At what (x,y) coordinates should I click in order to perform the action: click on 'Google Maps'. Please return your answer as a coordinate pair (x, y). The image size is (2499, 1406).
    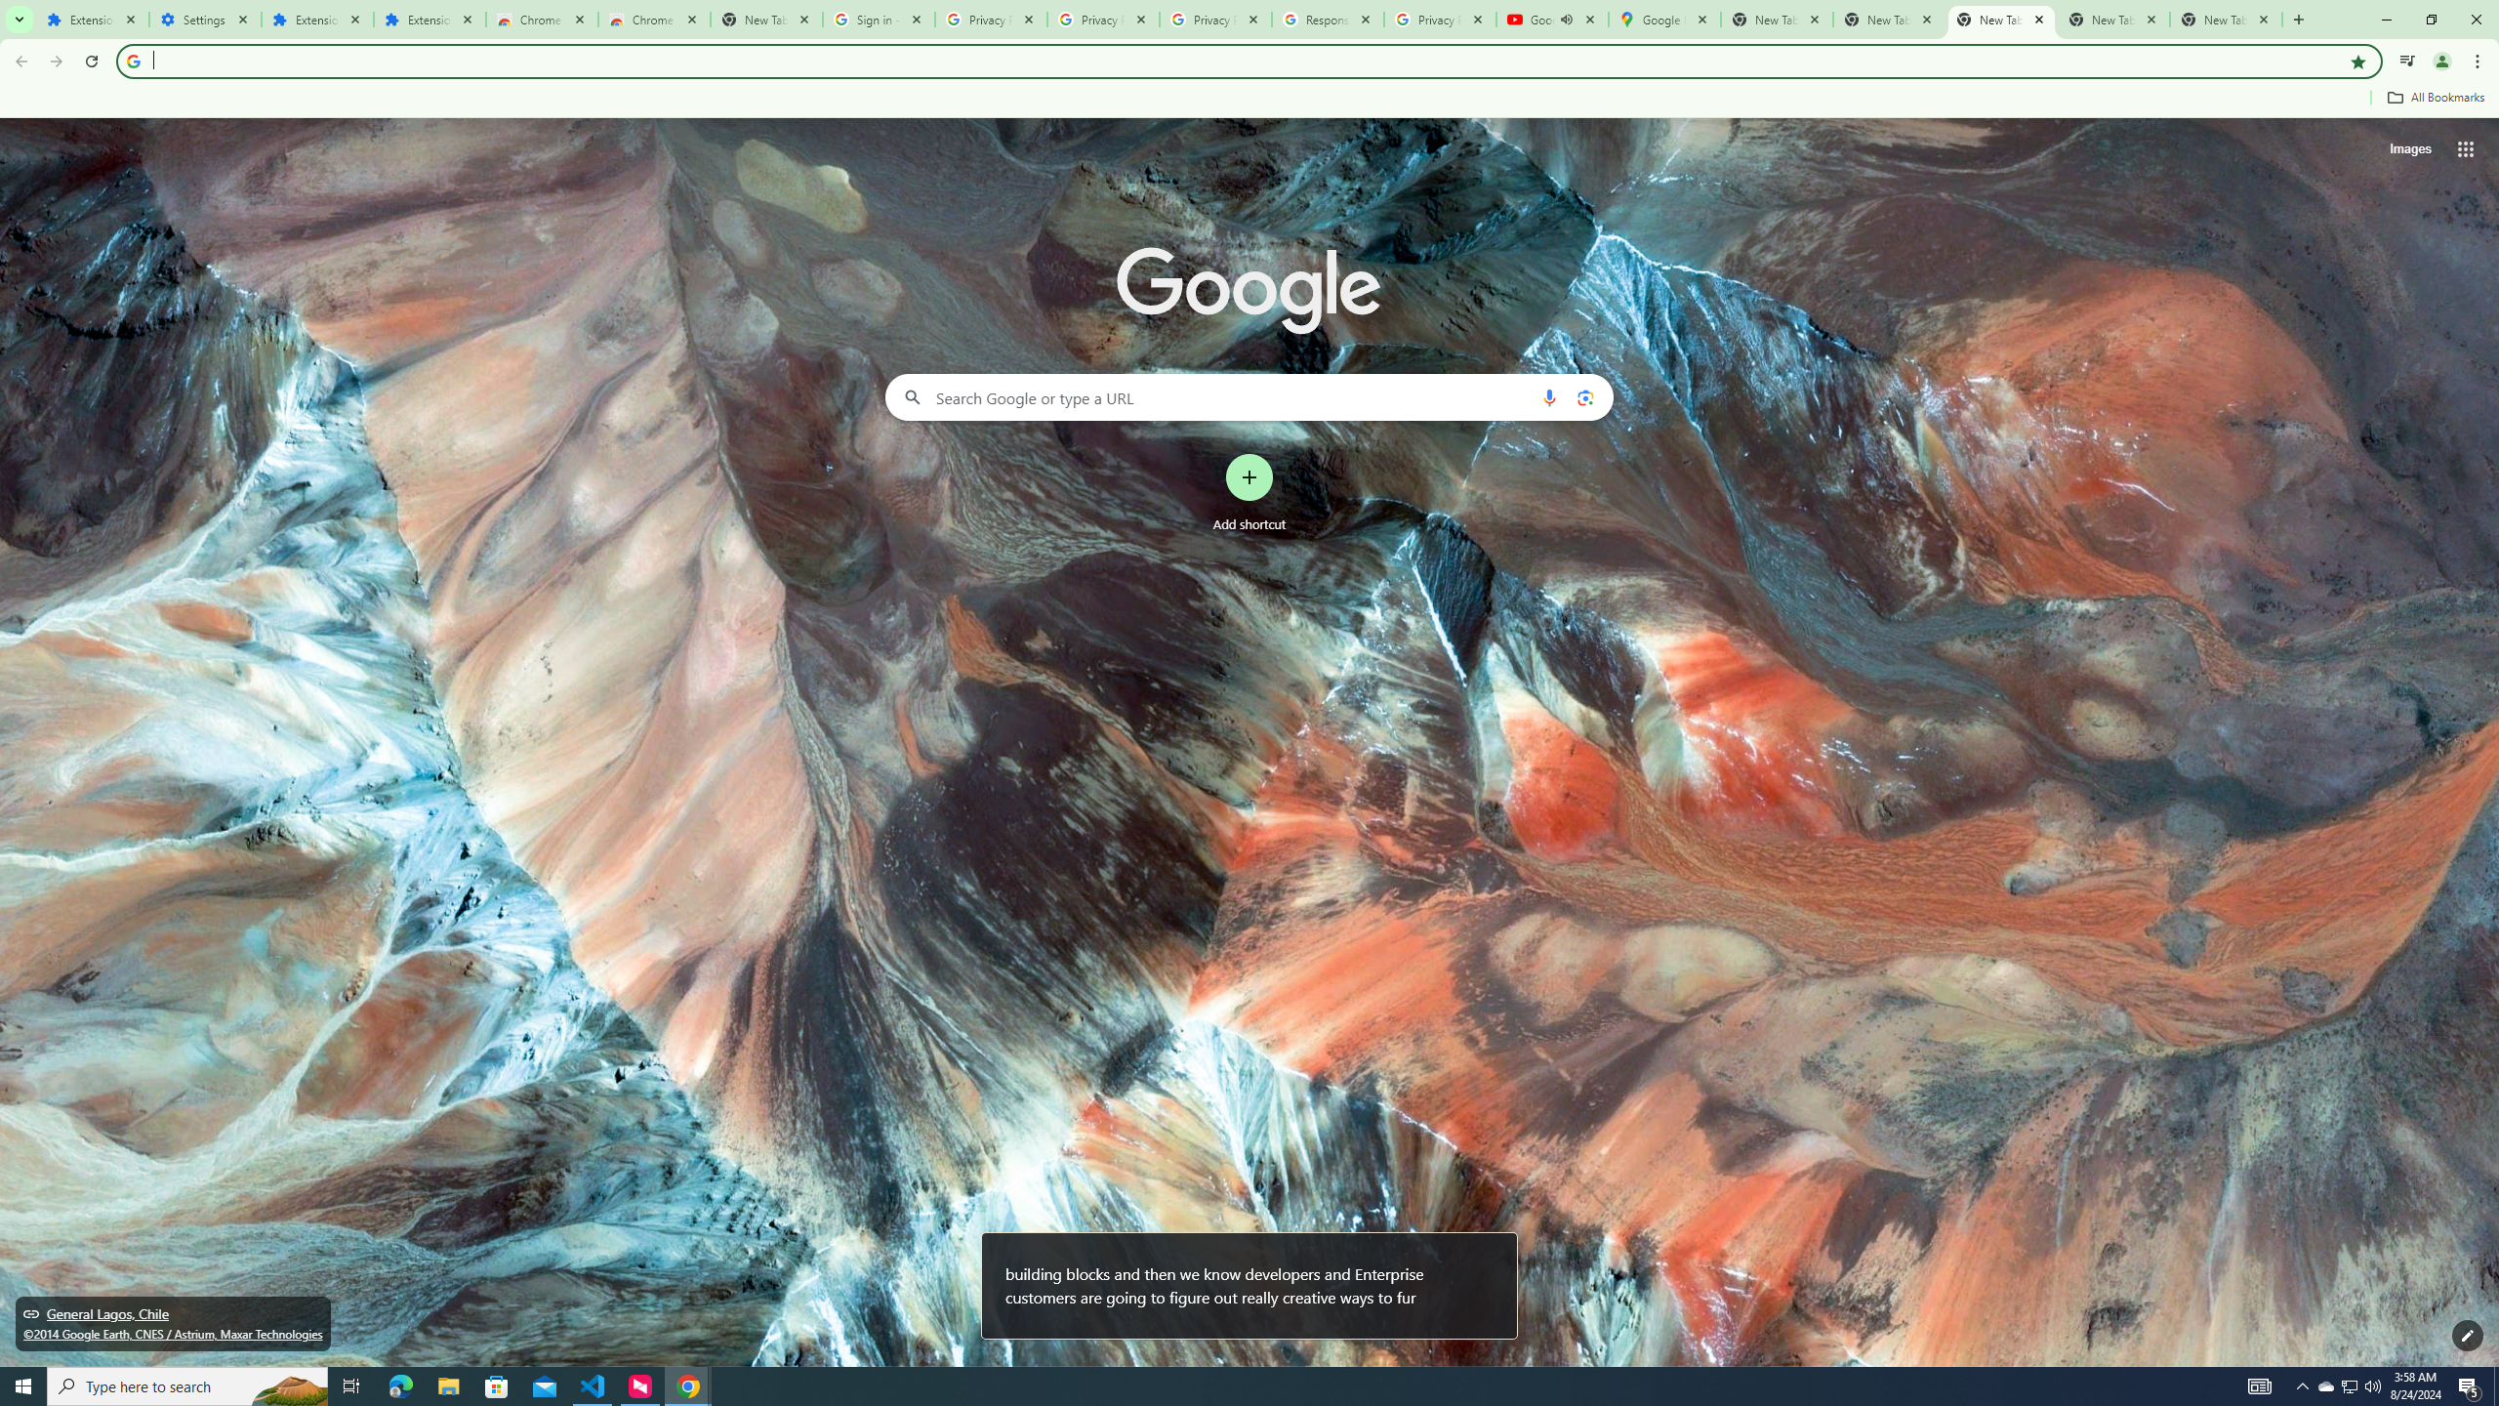
    Looking at the image, I should click on (1662, 19).